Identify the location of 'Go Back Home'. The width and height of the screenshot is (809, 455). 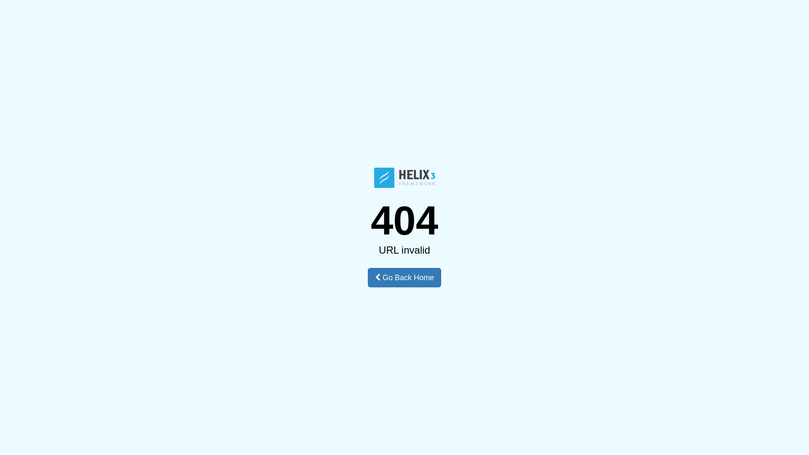
(404, 278).